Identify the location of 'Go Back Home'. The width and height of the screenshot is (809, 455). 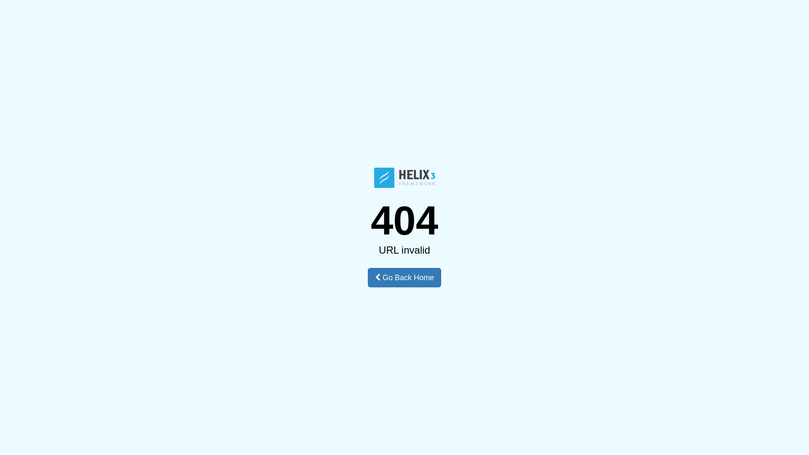
(404, 278).